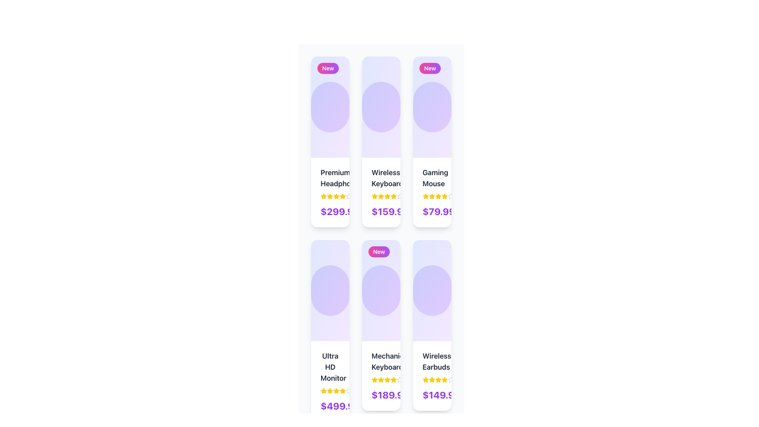  I want to click on the vibrant yellow star icon in the 5-star rating group located below 'Wireless Keyboard' to interact with it, so click(374, 196).